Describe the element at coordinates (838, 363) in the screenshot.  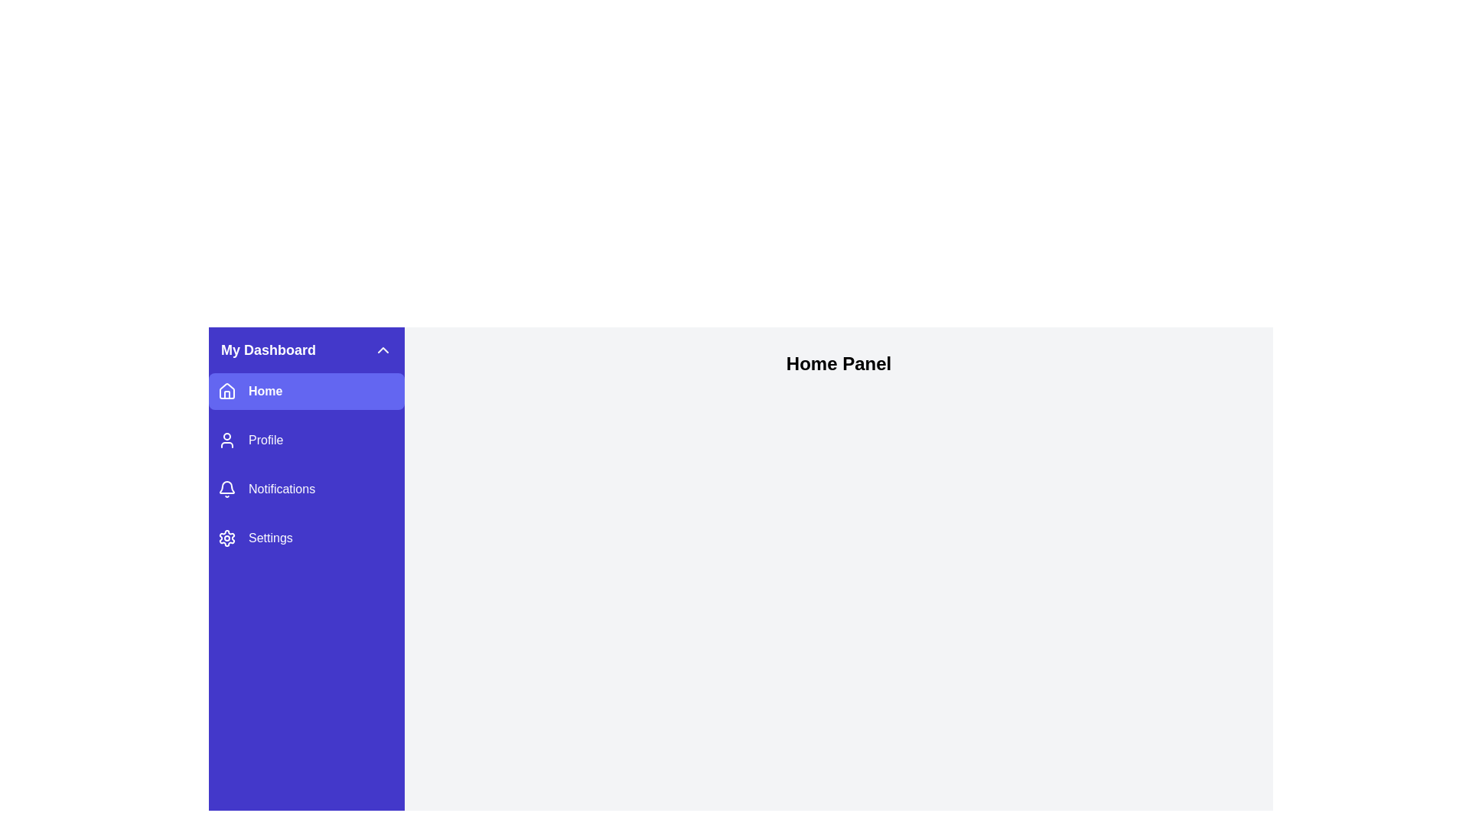
I see `the 'Home Panel' header text, which is bold and large, located in the upper-middle section of the interface` at that location.